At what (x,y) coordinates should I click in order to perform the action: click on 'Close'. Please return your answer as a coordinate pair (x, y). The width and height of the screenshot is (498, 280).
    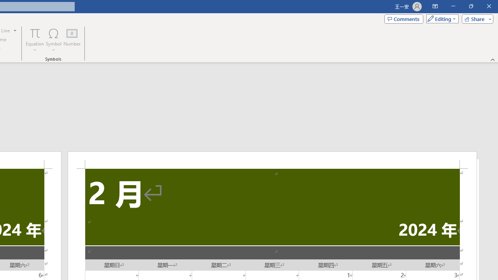
    Looking at the image, I should click on (488, 6).